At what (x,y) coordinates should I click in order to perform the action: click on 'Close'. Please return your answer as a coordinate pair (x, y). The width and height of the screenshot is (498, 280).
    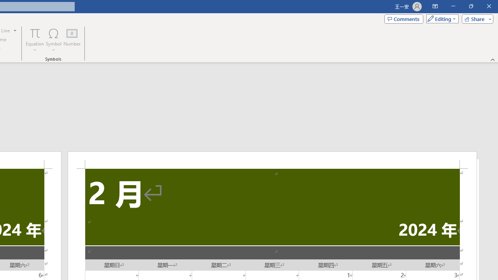
    Looking at the image, I should click on (488, 6).